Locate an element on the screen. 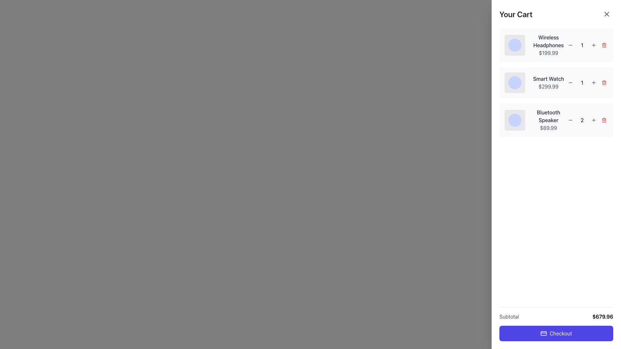  the Trash can icon (delete button) located at the far-right side of the second item in the cart list, which represents the 'Smart Watch' is located at coordinates (604, 82).